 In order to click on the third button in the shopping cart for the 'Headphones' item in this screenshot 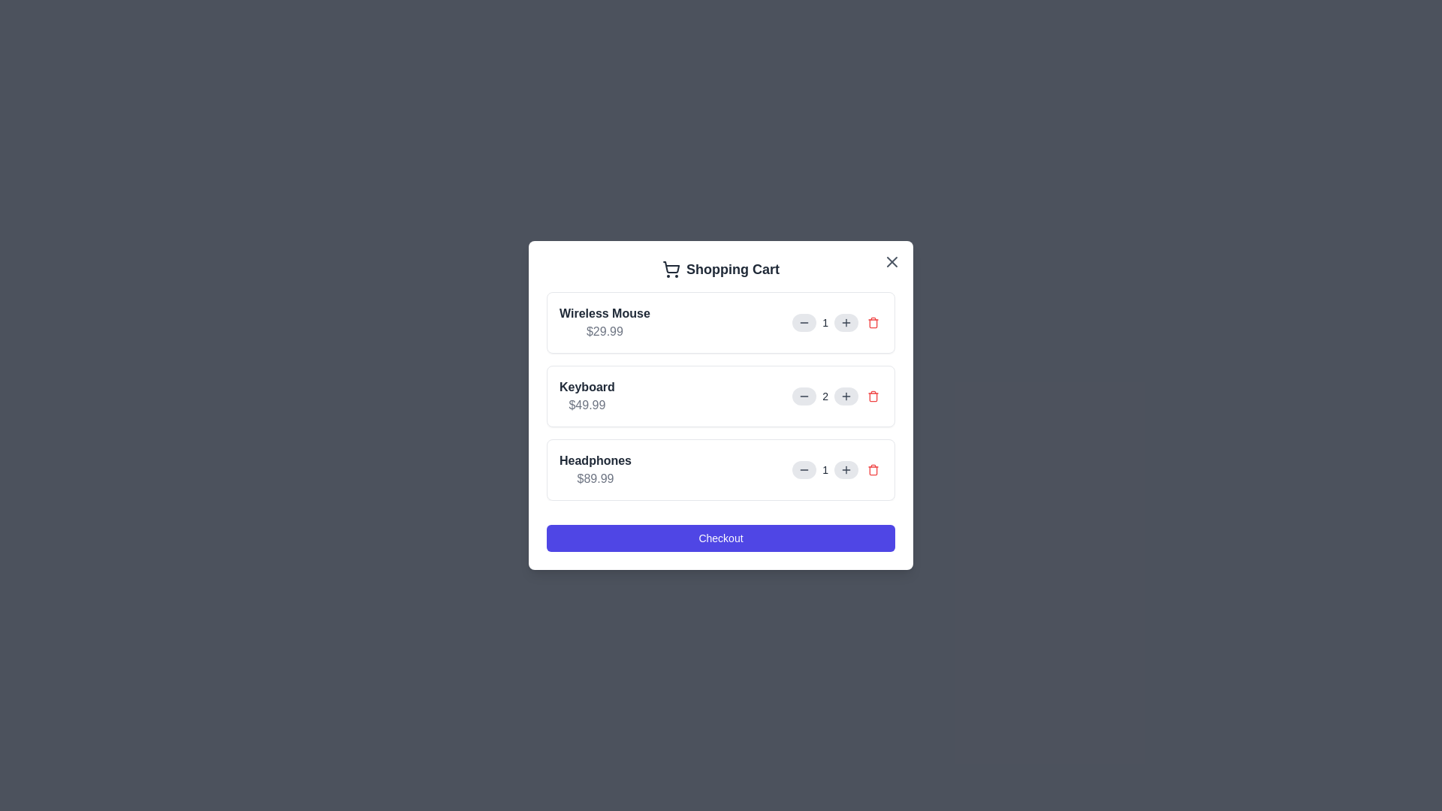, I will do `click(846, 469)`.